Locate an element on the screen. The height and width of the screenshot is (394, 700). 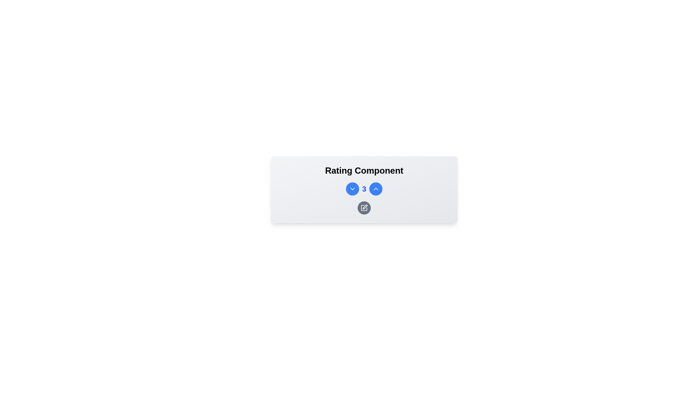
the Icon button that resembles a square with a pen over it is located at coordinates (364, 208).